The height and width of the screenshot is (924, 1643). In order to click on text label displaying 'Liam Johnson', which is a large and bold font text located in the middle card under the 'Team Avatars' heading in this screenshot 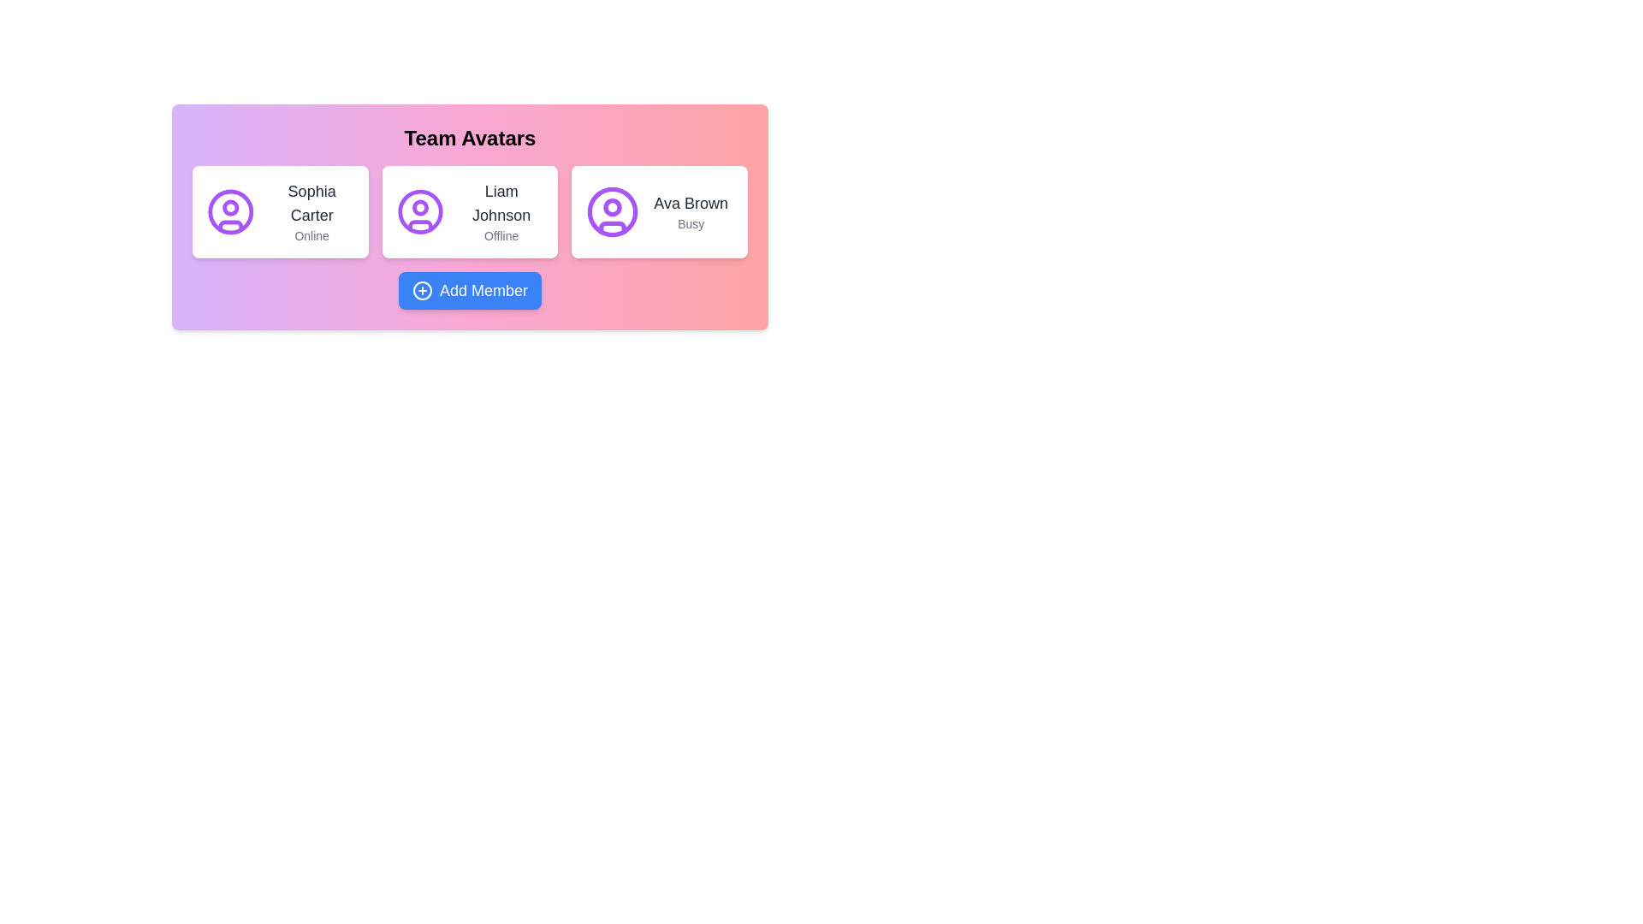, I will do `click(501, 203)`.